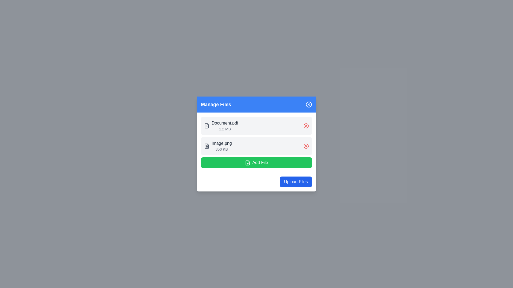 The width and height of the screenshot is (513, 288). I want to click on the descriptive text label positioned on the left side of the blue header bar in the file management panel, so click(216, 105).